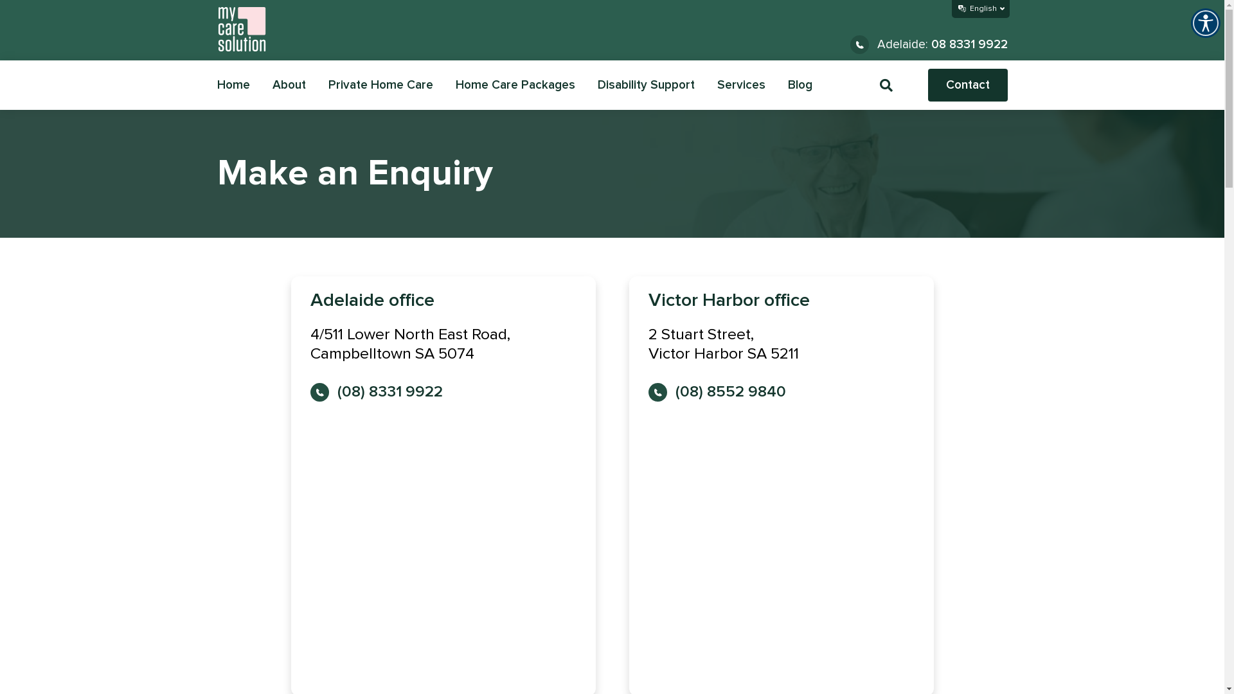  What do you see at coordinates (289, 85) in the screenshot?
I see `'About'` at bounding box center [289, 85].